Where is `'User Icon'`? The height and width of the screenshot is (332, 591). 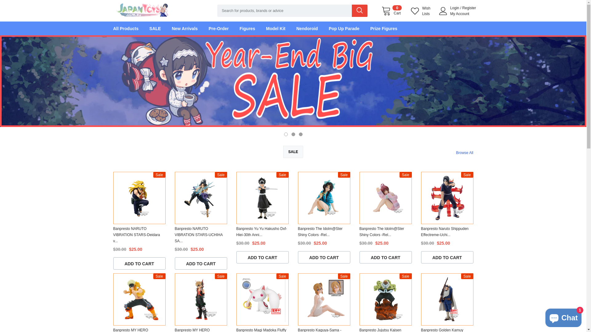
'User Icon' is located at coordinates (443, 11).